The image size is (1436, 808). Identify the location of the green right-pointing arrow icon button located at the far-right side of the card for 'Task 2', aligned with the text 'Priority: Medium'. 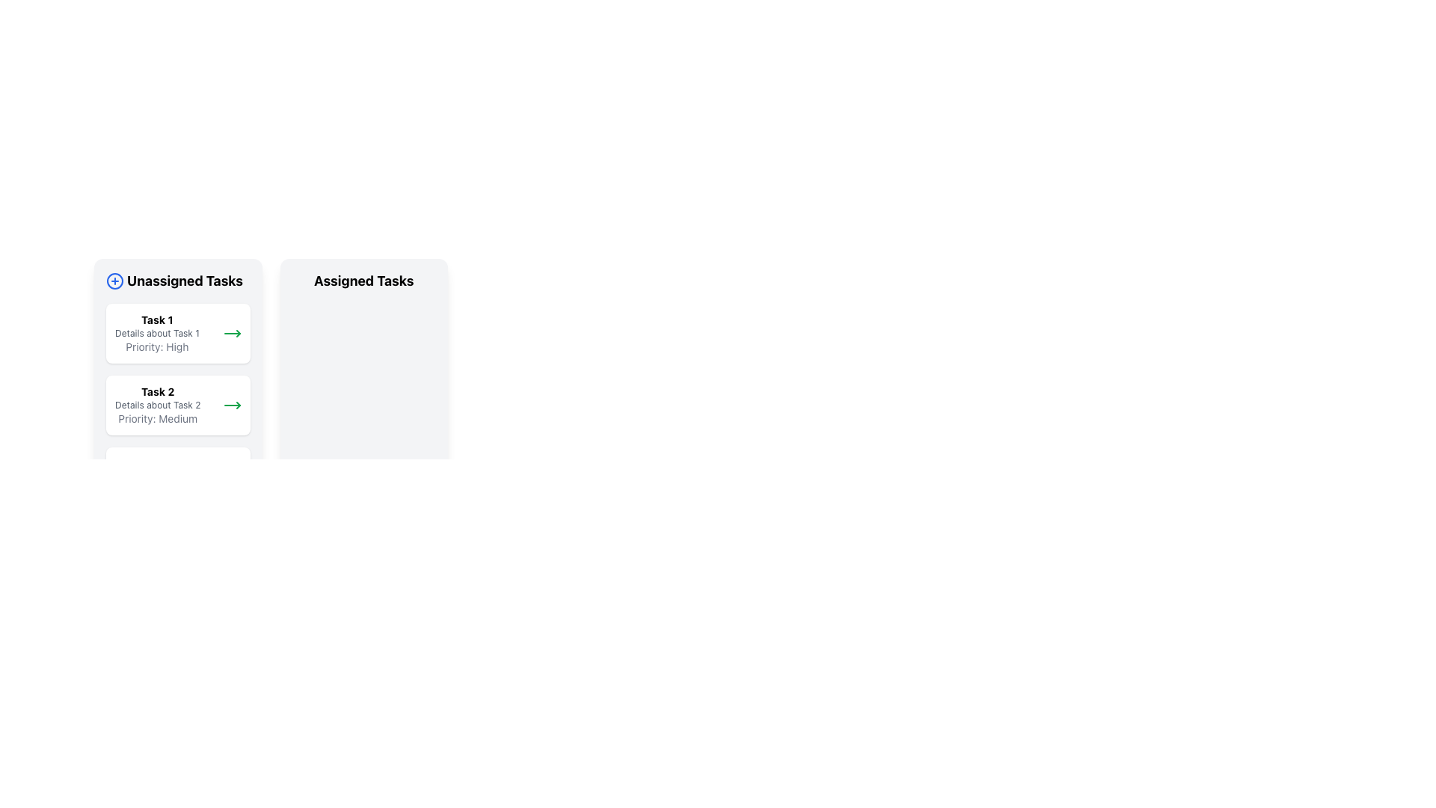
(231, 405).